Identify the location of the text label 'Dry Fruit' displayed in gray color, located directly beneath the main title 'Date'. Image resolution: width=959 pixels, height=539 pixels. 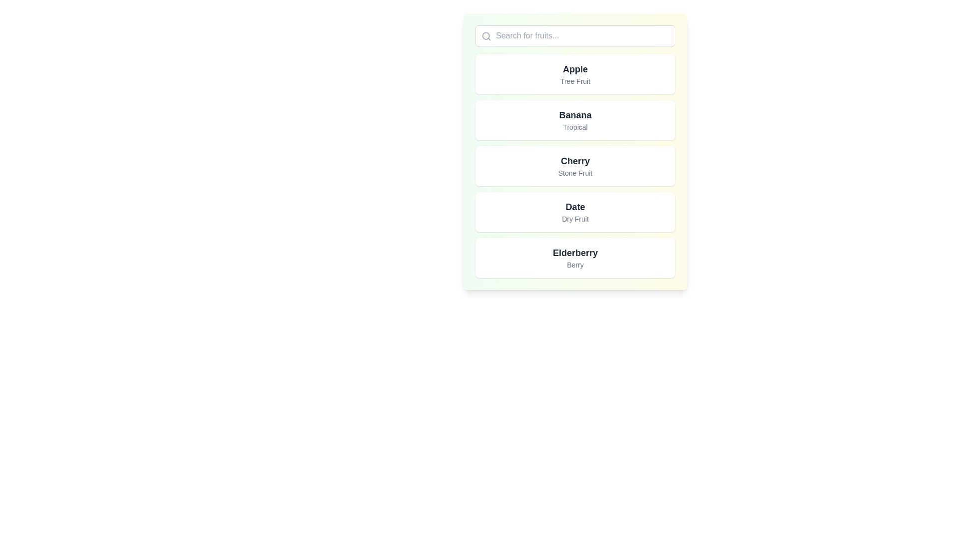
(575, 219).